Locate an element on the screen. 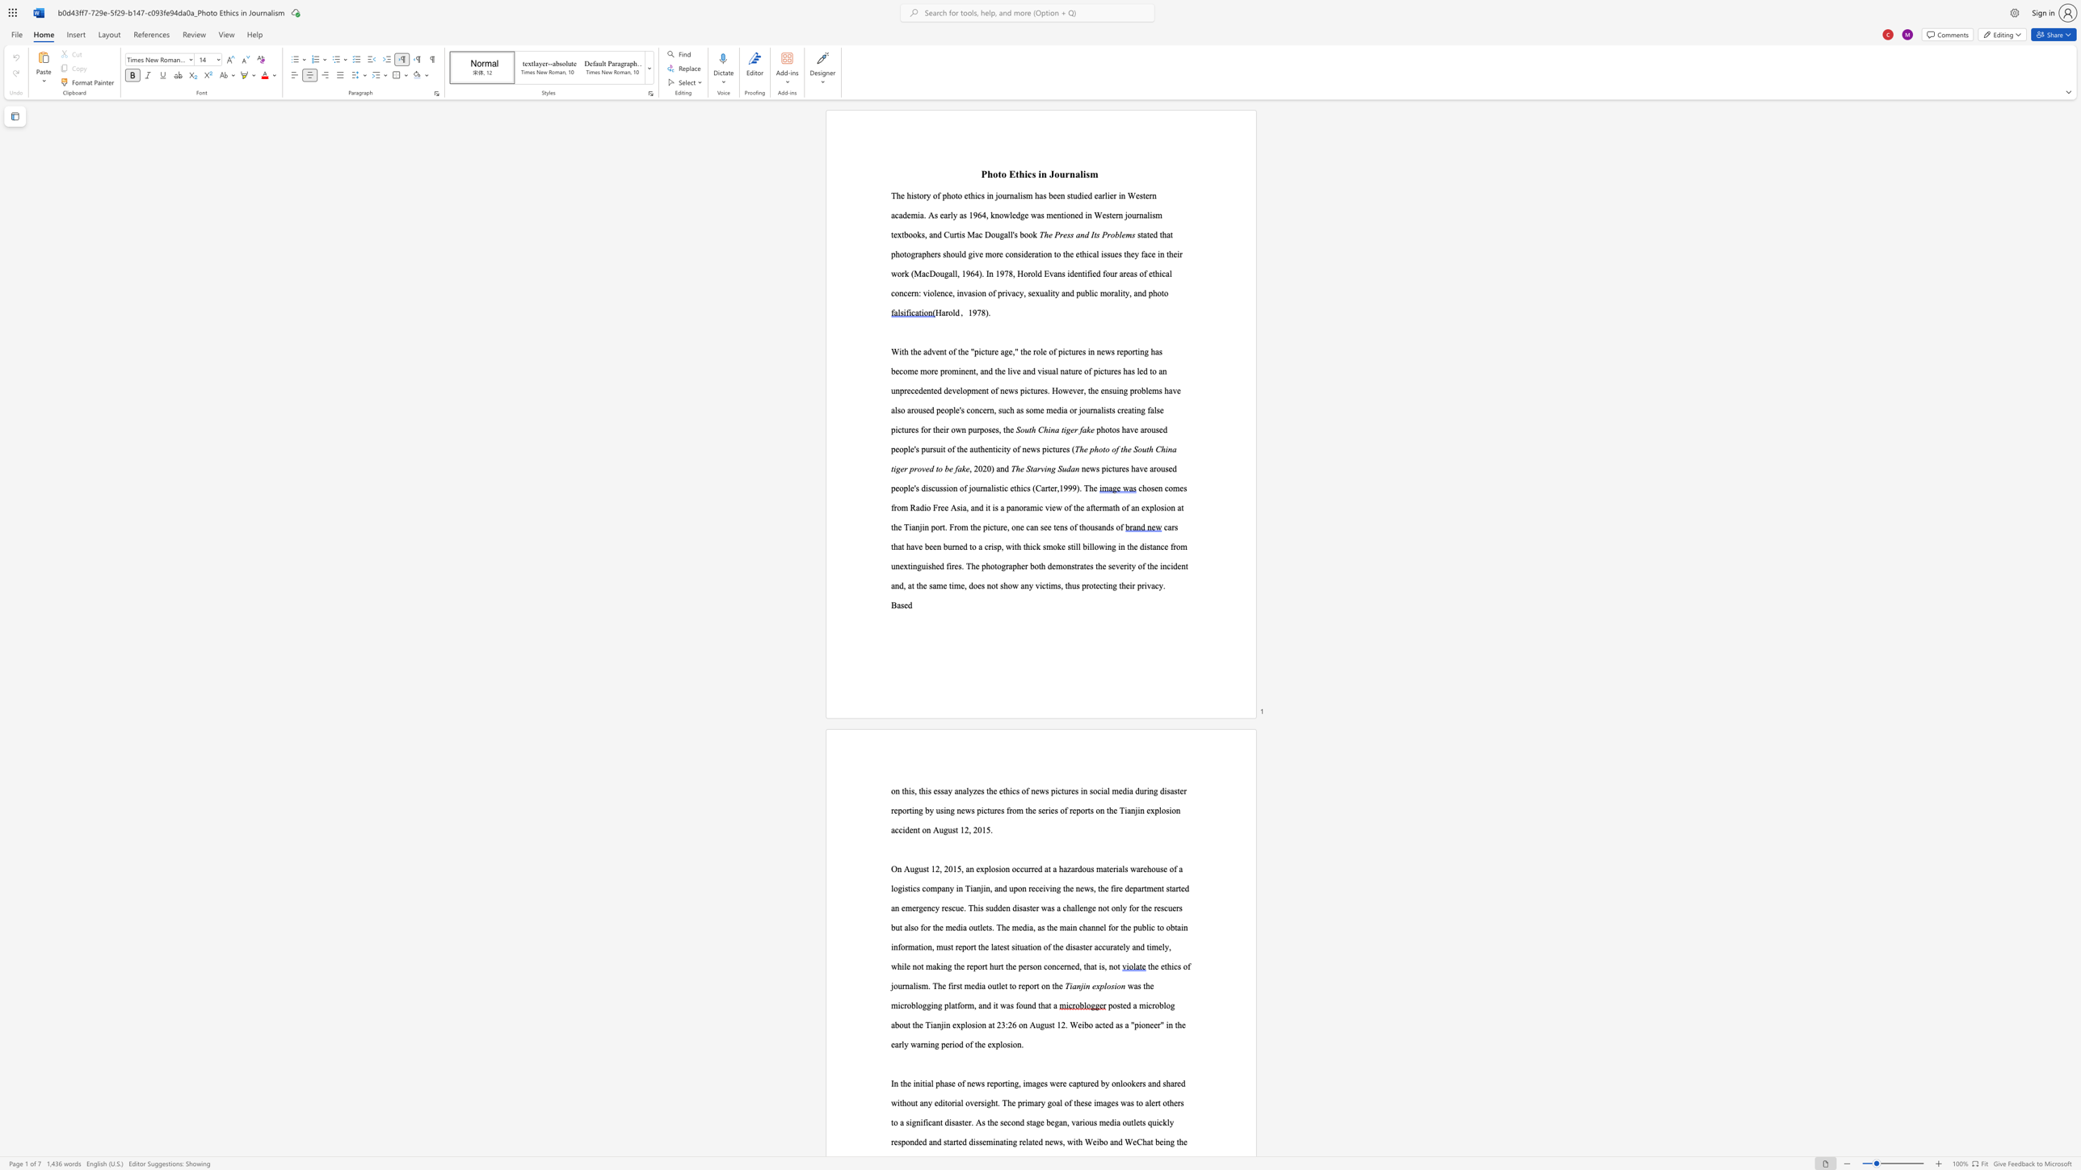 This screenshot has height=1170, width=2081. the 1th character "k" in the text is located at coordinates (906, 272).